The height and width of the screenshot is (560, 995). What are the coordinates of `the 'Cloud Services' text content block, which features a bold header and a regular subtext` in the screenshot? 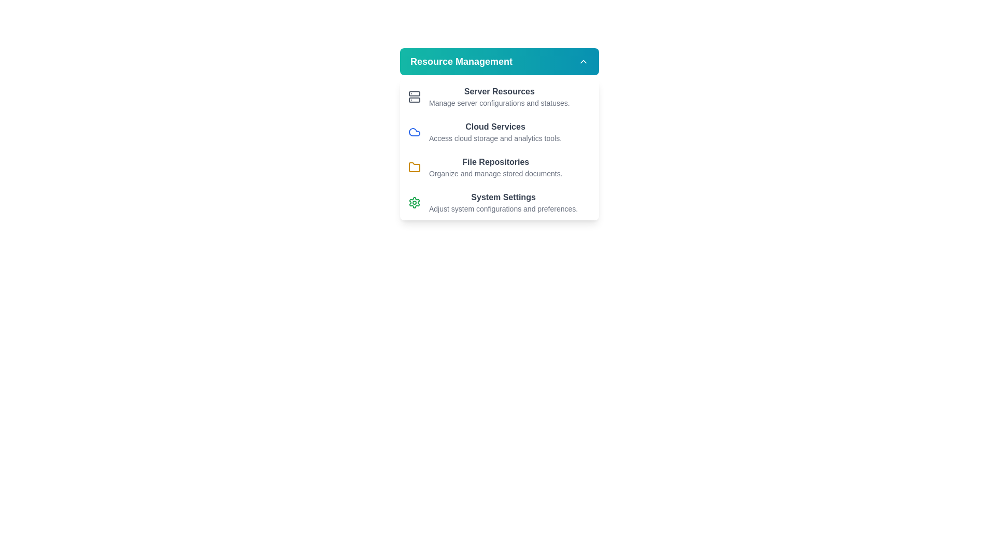 It's located at (494, 131).